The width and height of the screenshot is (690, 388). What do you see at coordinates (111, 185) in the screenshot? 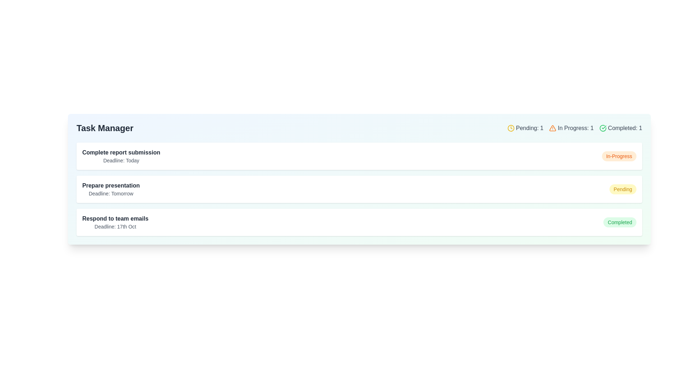
I see `task name displayed in bold text labeled 'Prepare presentation', located at the top part of the second task item in the Task Manager` at bounding box center [111, 185].